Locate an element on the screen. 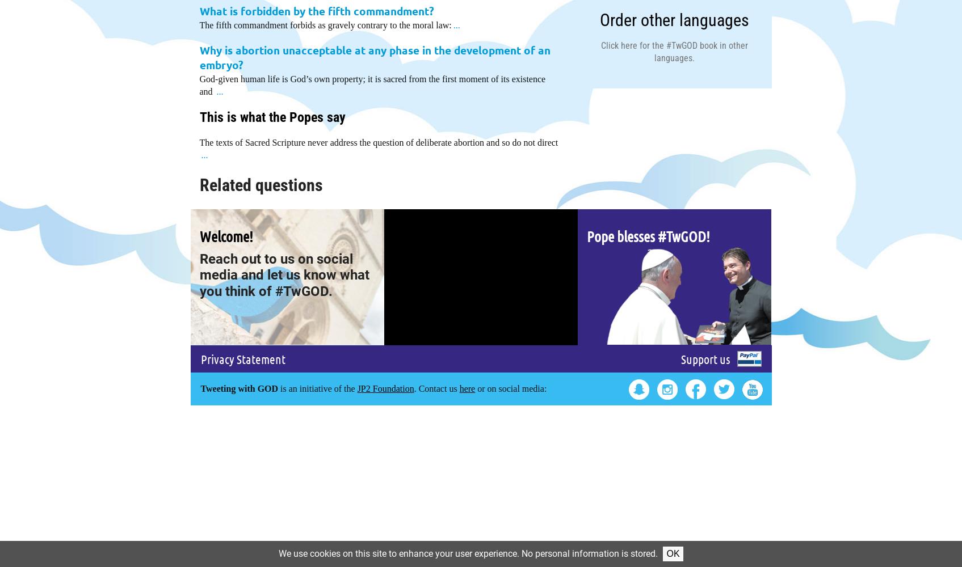 The width and height of the screenshot is (962, 567). 'here' is located at coordinates (467, 388).